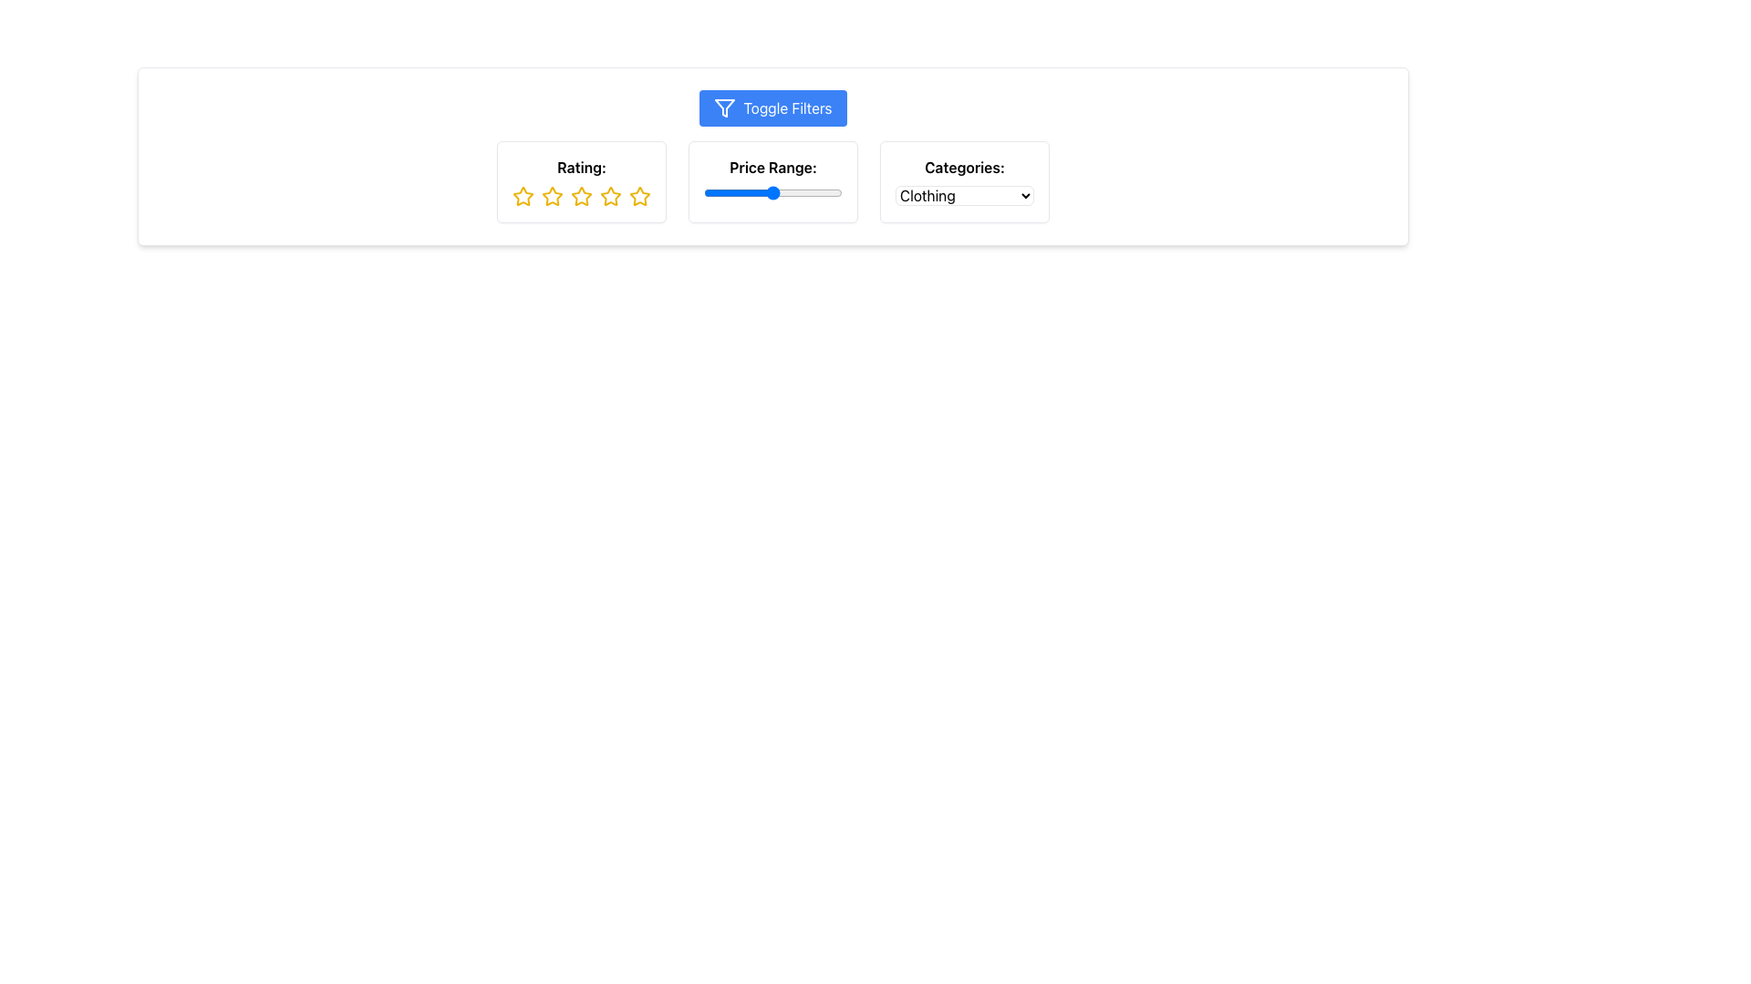  Describe the element at coordinates (740, 193) in the screenshot. I see `the price range slider` at that location.